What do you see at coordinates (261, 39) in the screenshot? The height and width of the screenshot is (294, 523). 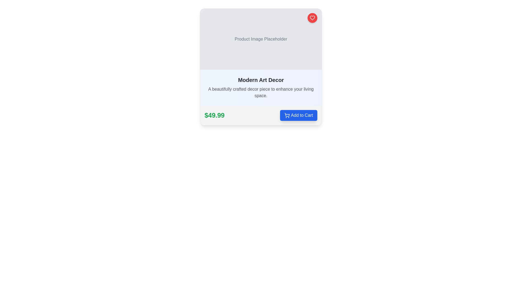 I see `the Static placeholder element located at the top of the card structure, which serves as an image placeholder` at bounding box center [261, 39].